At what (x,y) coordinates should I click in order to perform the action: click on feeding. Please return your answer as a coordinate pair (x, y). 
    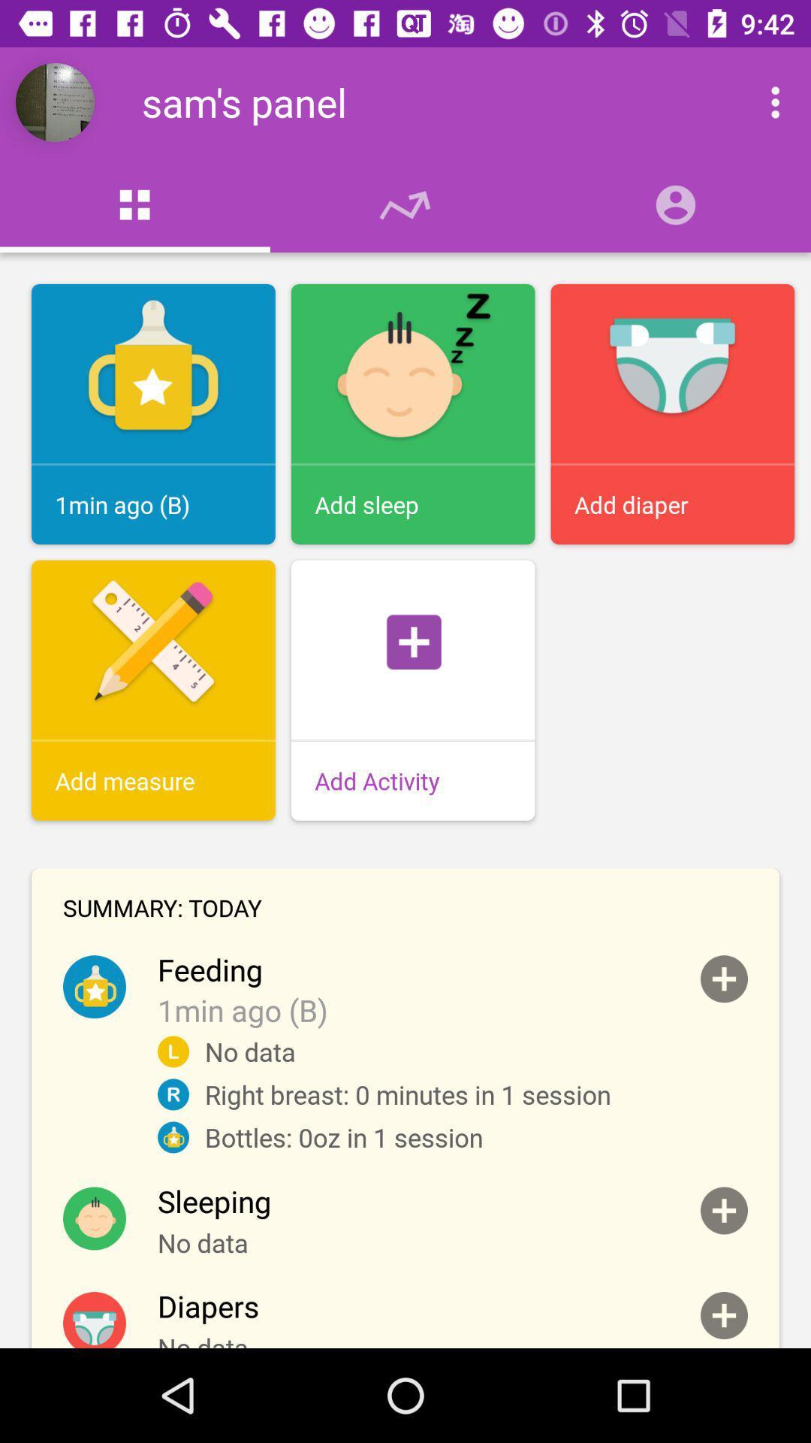
    Looking at the image, I should click on (723, 979).